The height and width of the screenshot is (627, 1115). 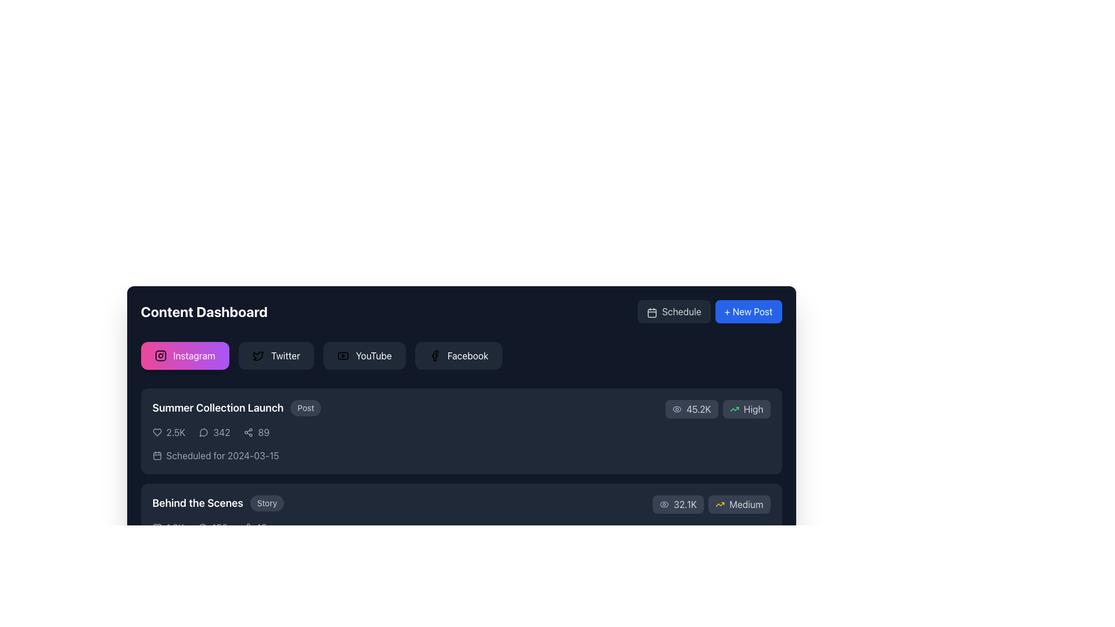 I want to click on the YouTube button, which is a dark capsule-shaped button located in the Content Dashboard section, so click(x=342, y=355).